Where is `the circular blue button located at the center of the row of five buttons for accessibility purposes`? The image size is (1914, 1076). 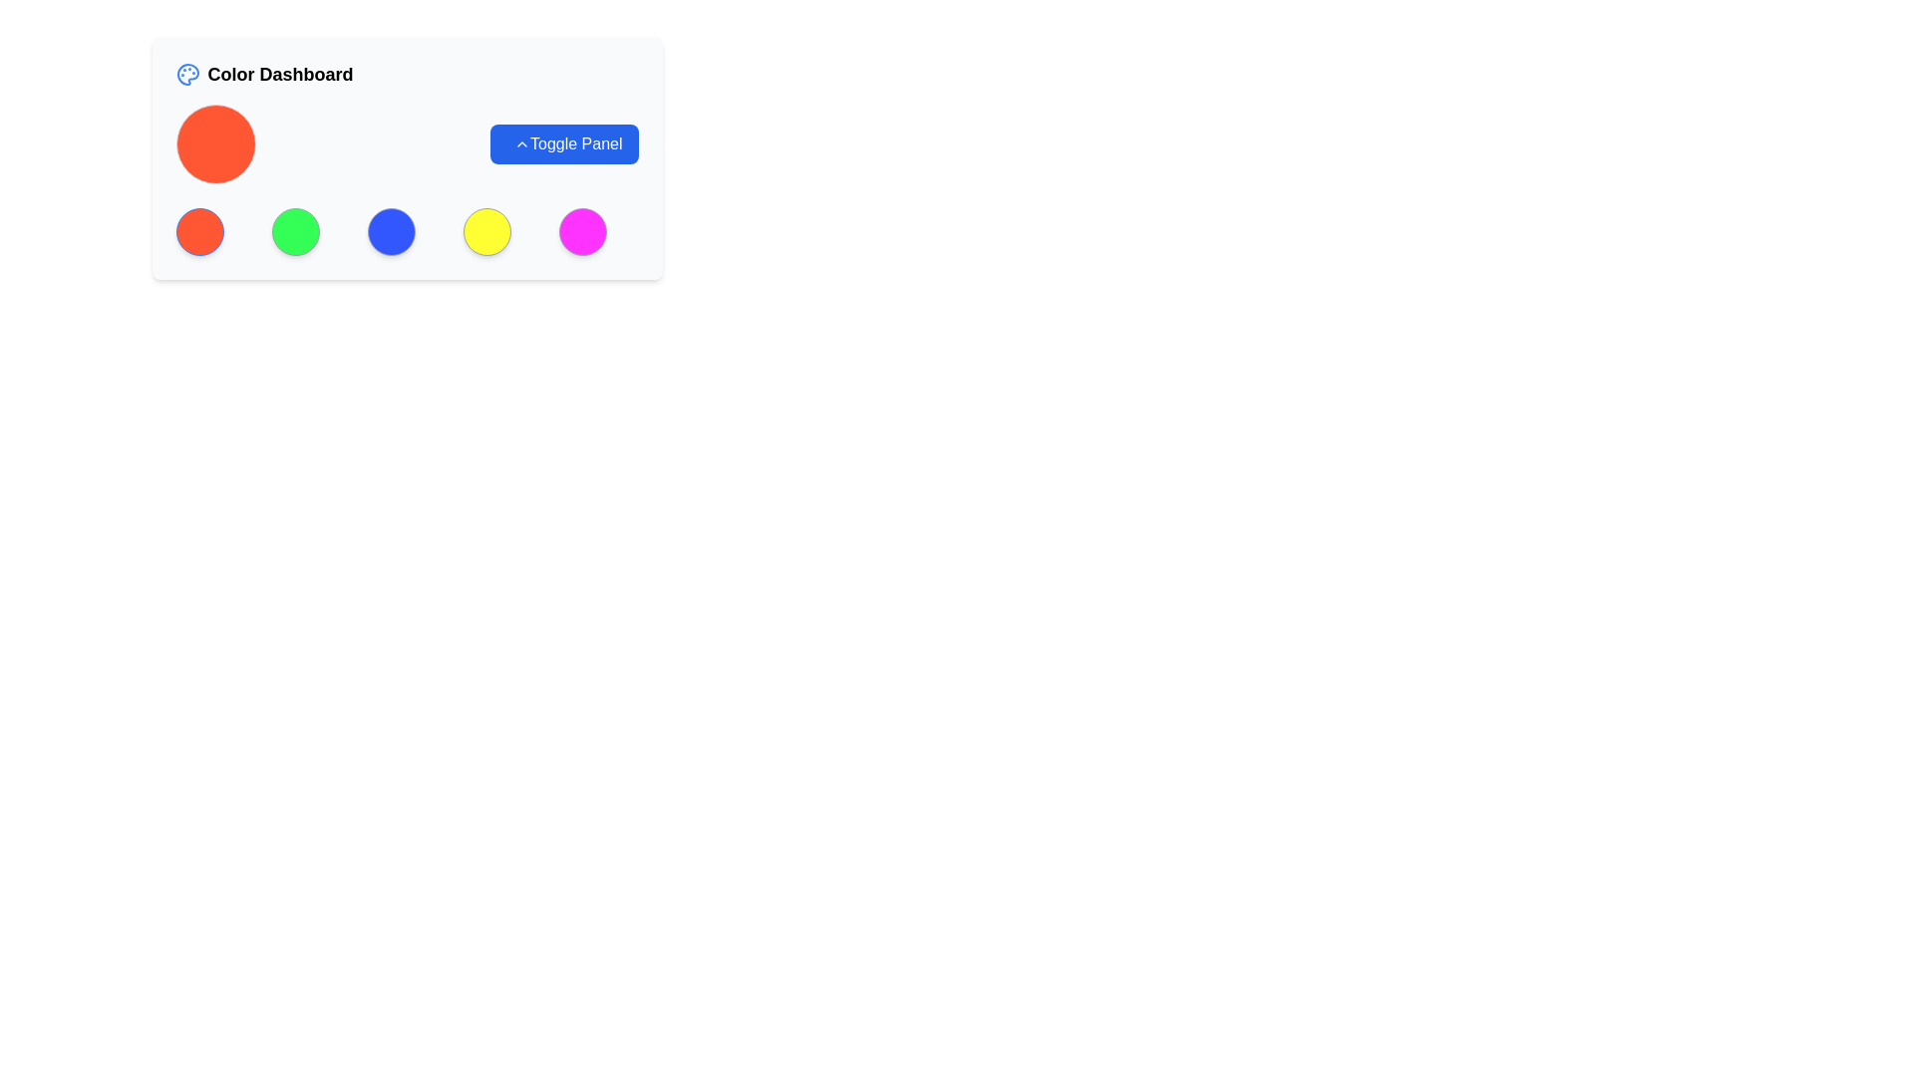 the circular blue button located at the center of the row of five buttons for accessibility purposes is located at coordinates (391, 230).